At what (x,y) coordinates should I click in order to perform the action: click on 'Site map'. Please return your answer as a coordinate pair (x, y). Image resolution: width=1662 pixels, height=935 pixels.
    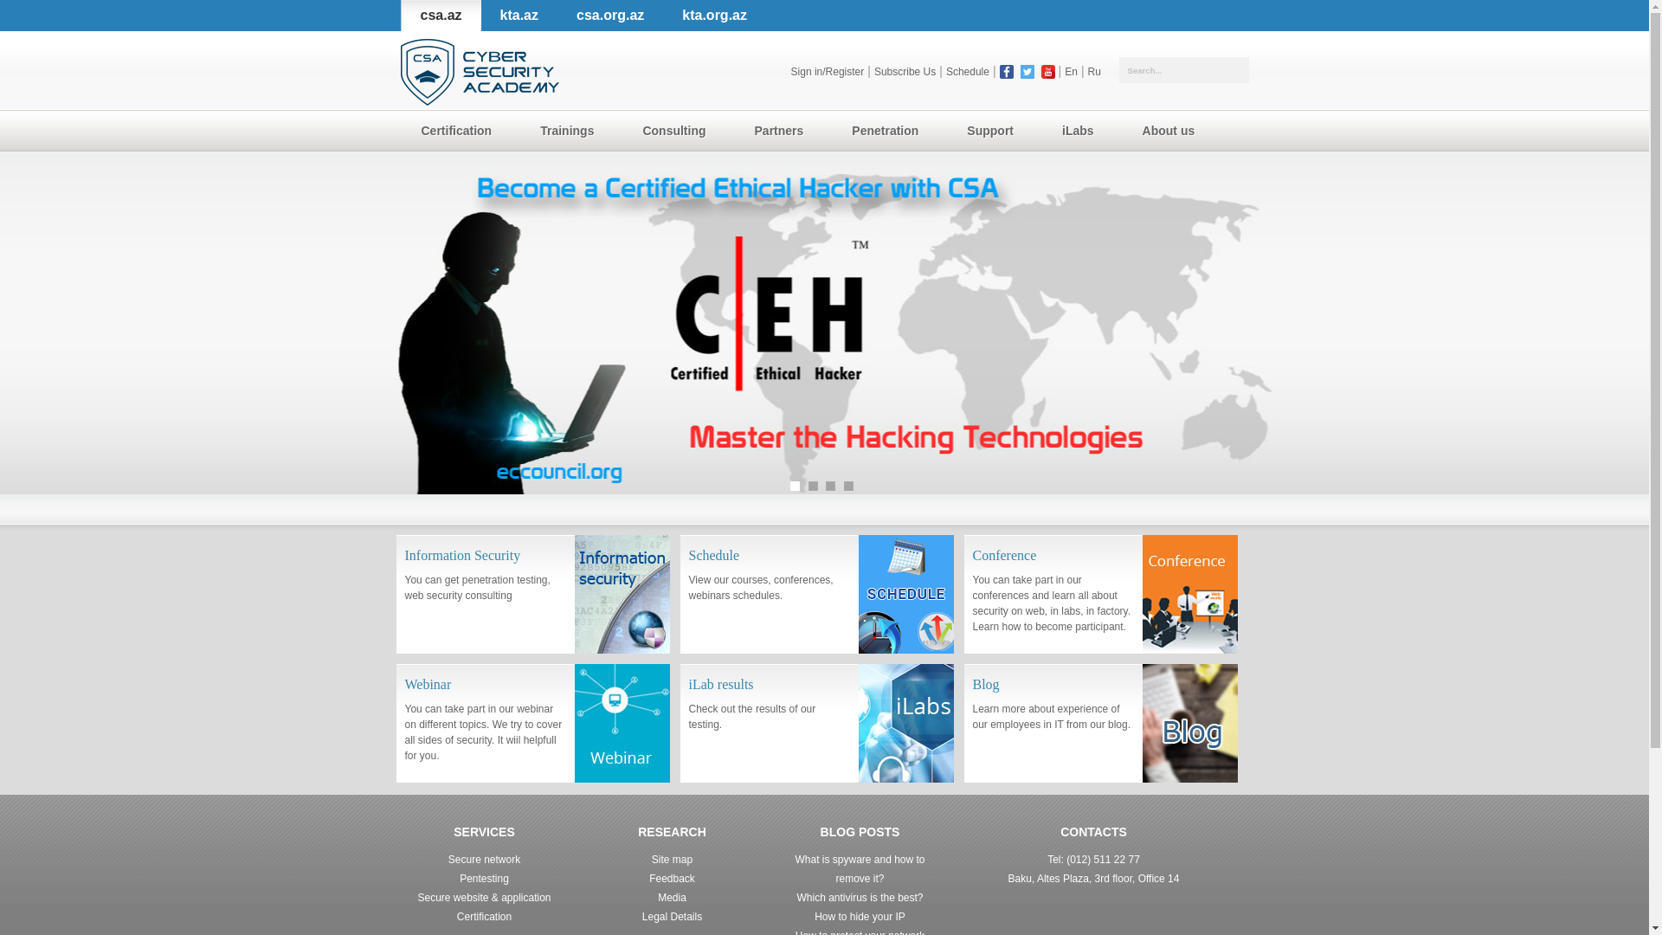
    Looking at the image, I should click on (671, 859).